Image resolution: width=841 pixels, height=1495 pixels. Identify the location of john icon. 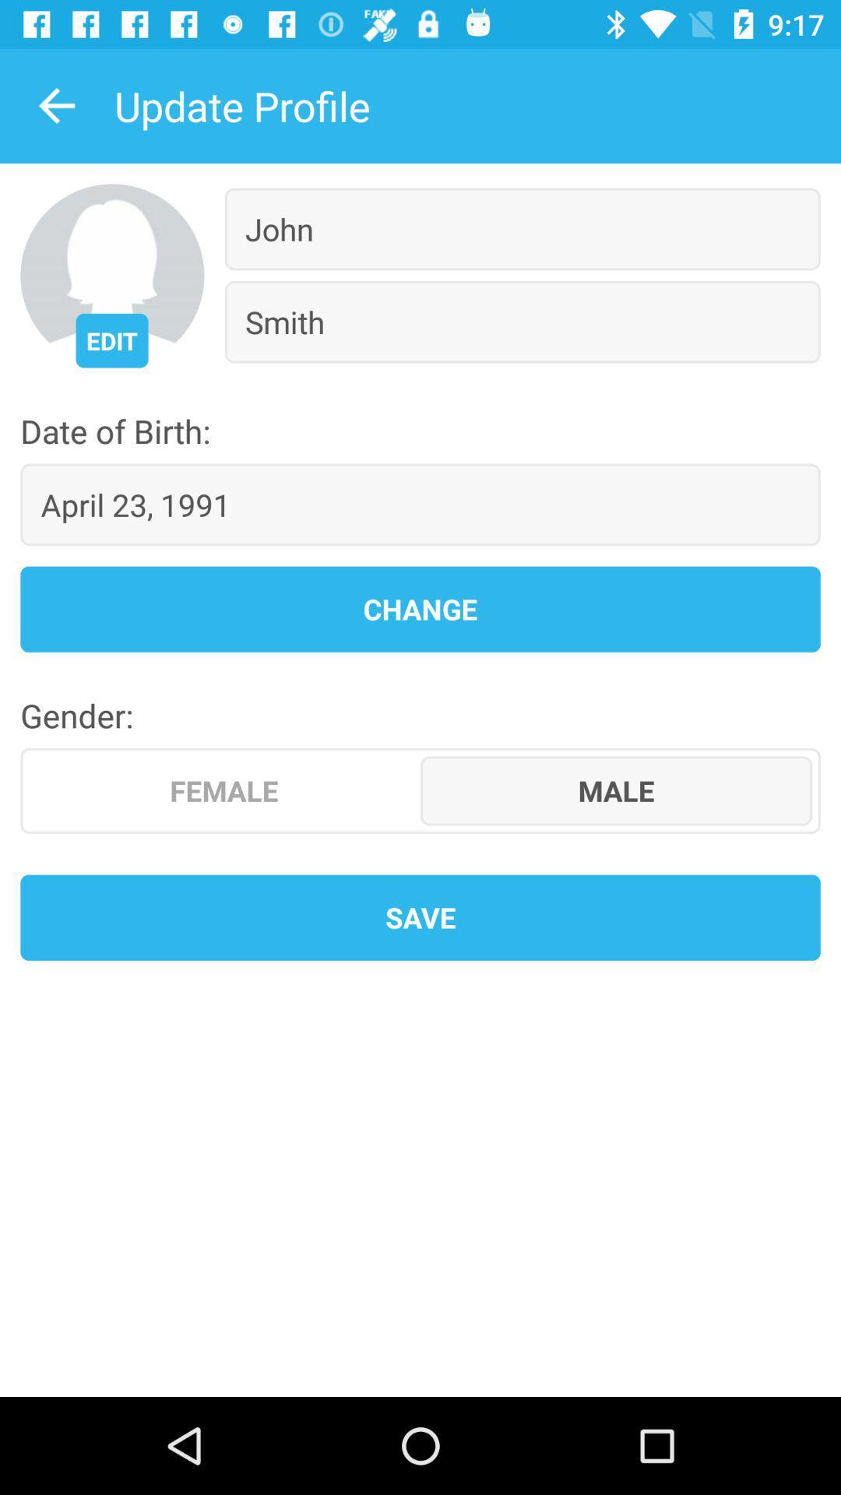
(523, 228).